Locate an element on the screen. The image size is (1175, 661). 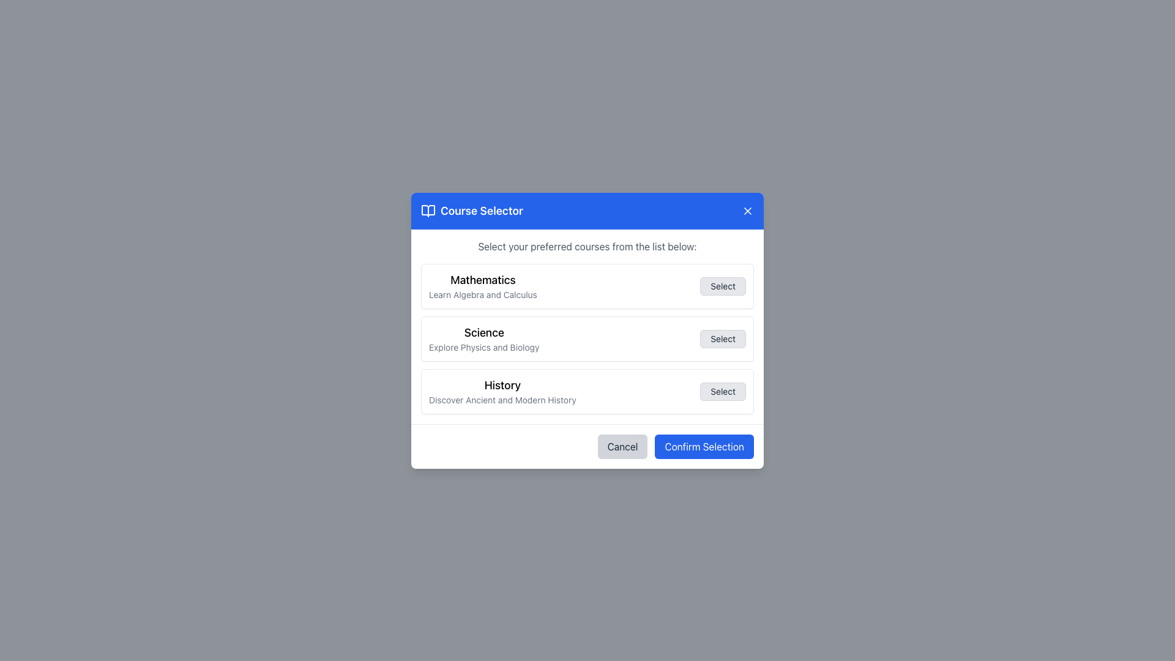
the confirm button located at the bottom-right corner of the dialog box, which is the second button in a horizontal pair next to the 'Cancel' button to confirm the selection is located at coordinates (704, 446).